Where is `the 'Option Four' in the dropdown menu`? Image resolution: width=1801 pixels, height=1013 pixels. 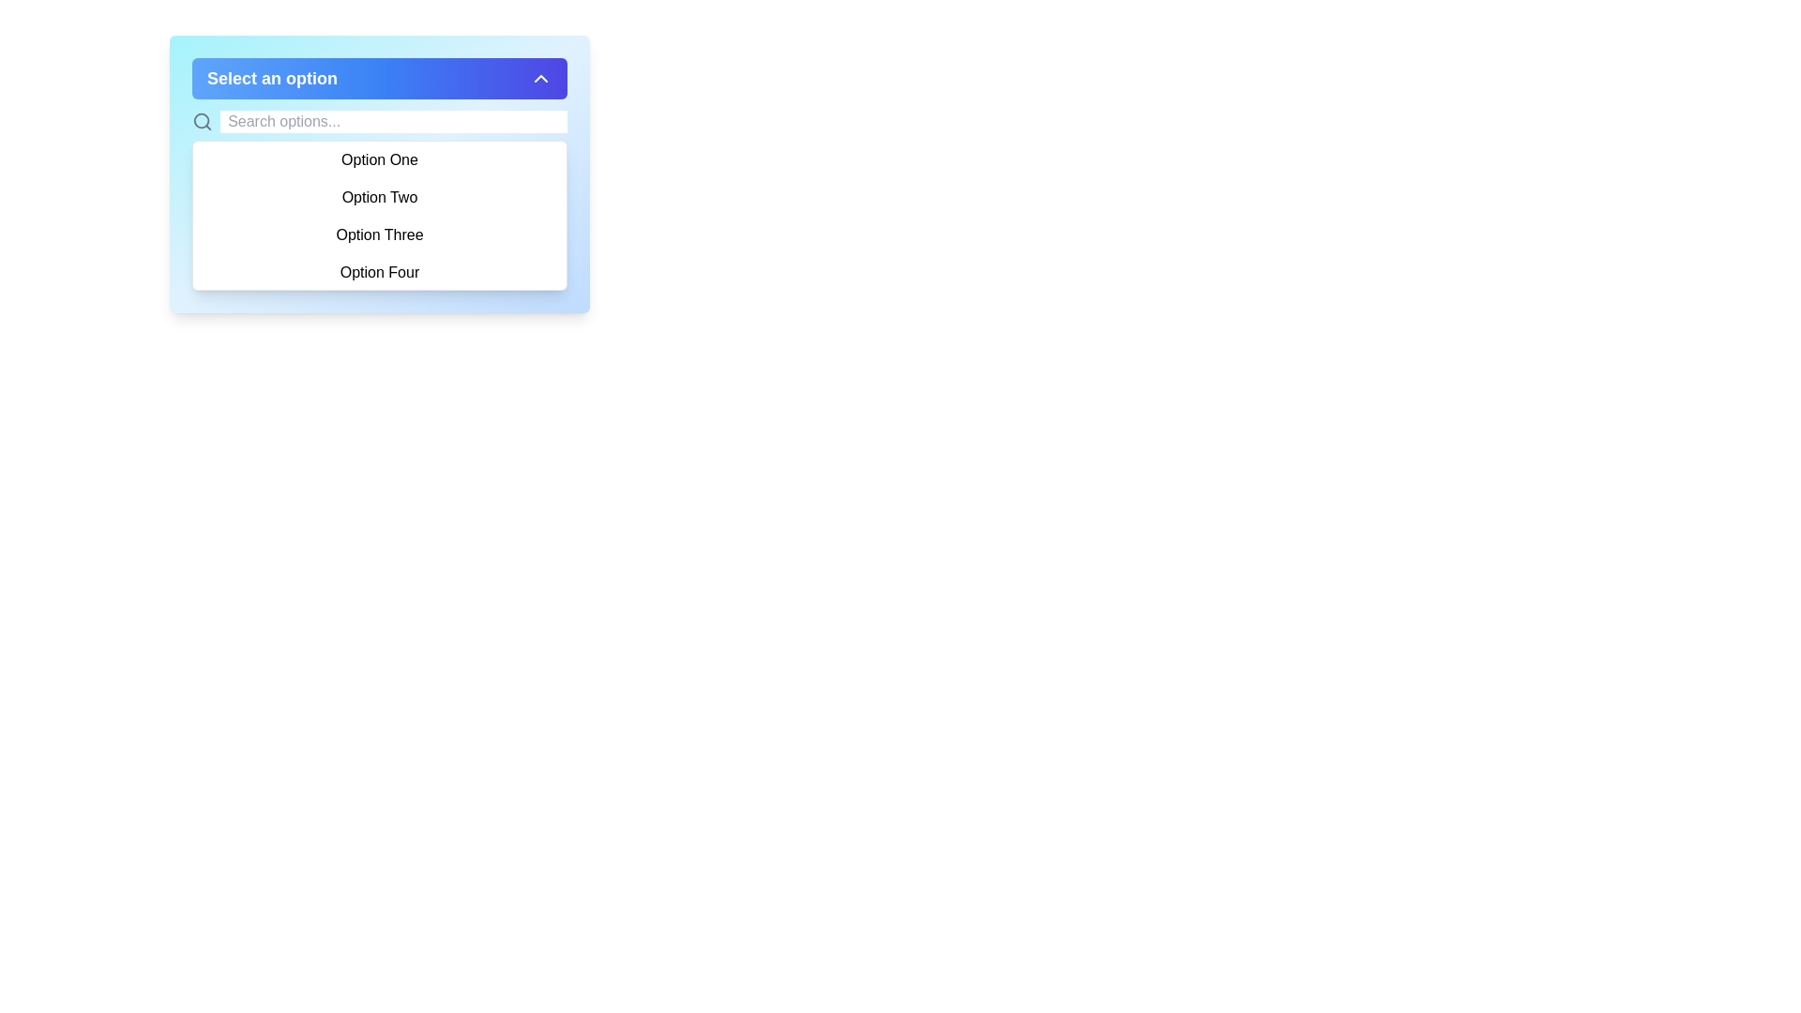 the 'Option Four' in the dropdown menu is located at coordinates (378, 272).